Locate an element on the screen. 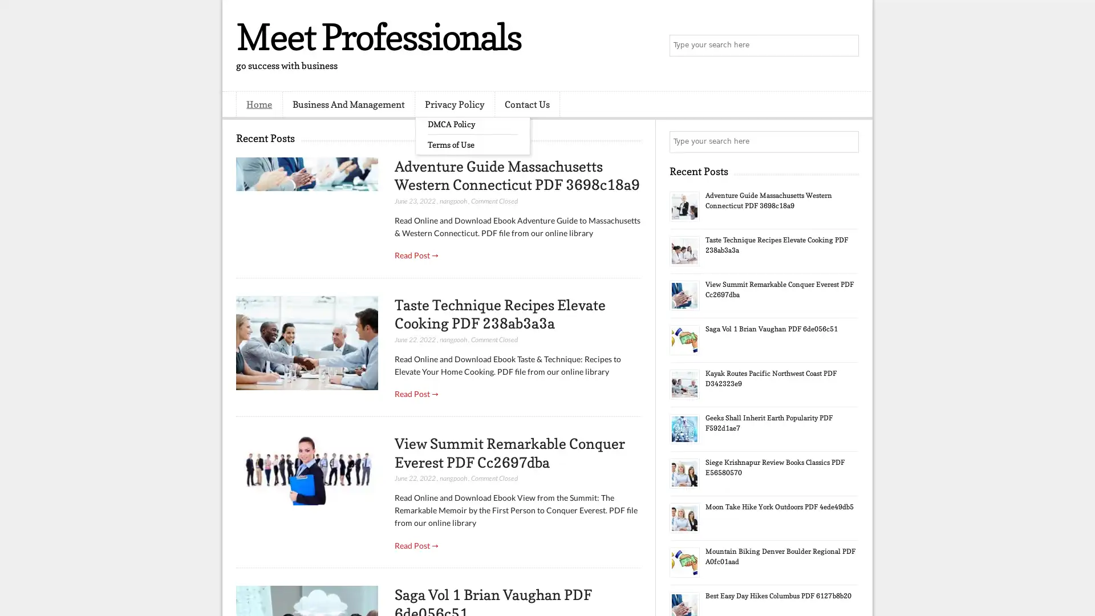  Search is located at coordinates (847, 46).